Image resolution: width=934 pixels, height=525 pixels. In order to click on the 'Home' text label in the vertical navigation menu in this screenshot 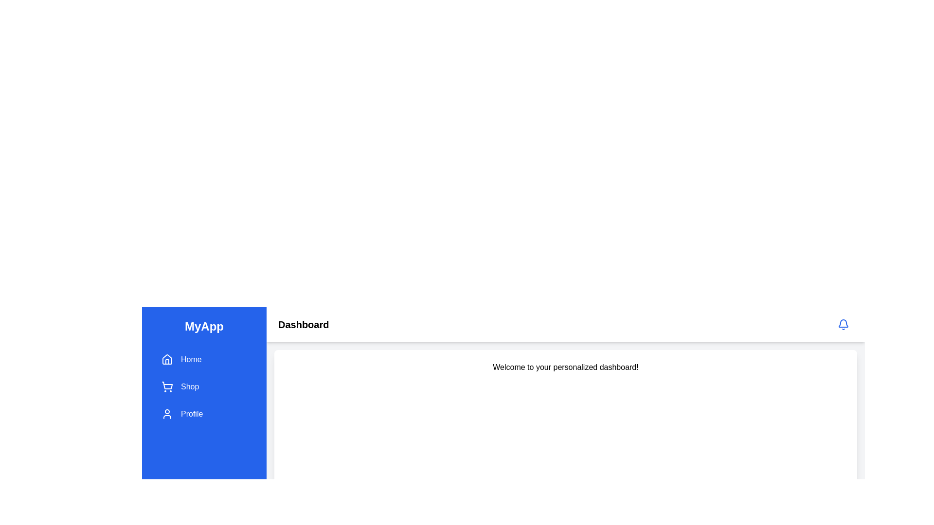, I will do `click(191, 360)`.